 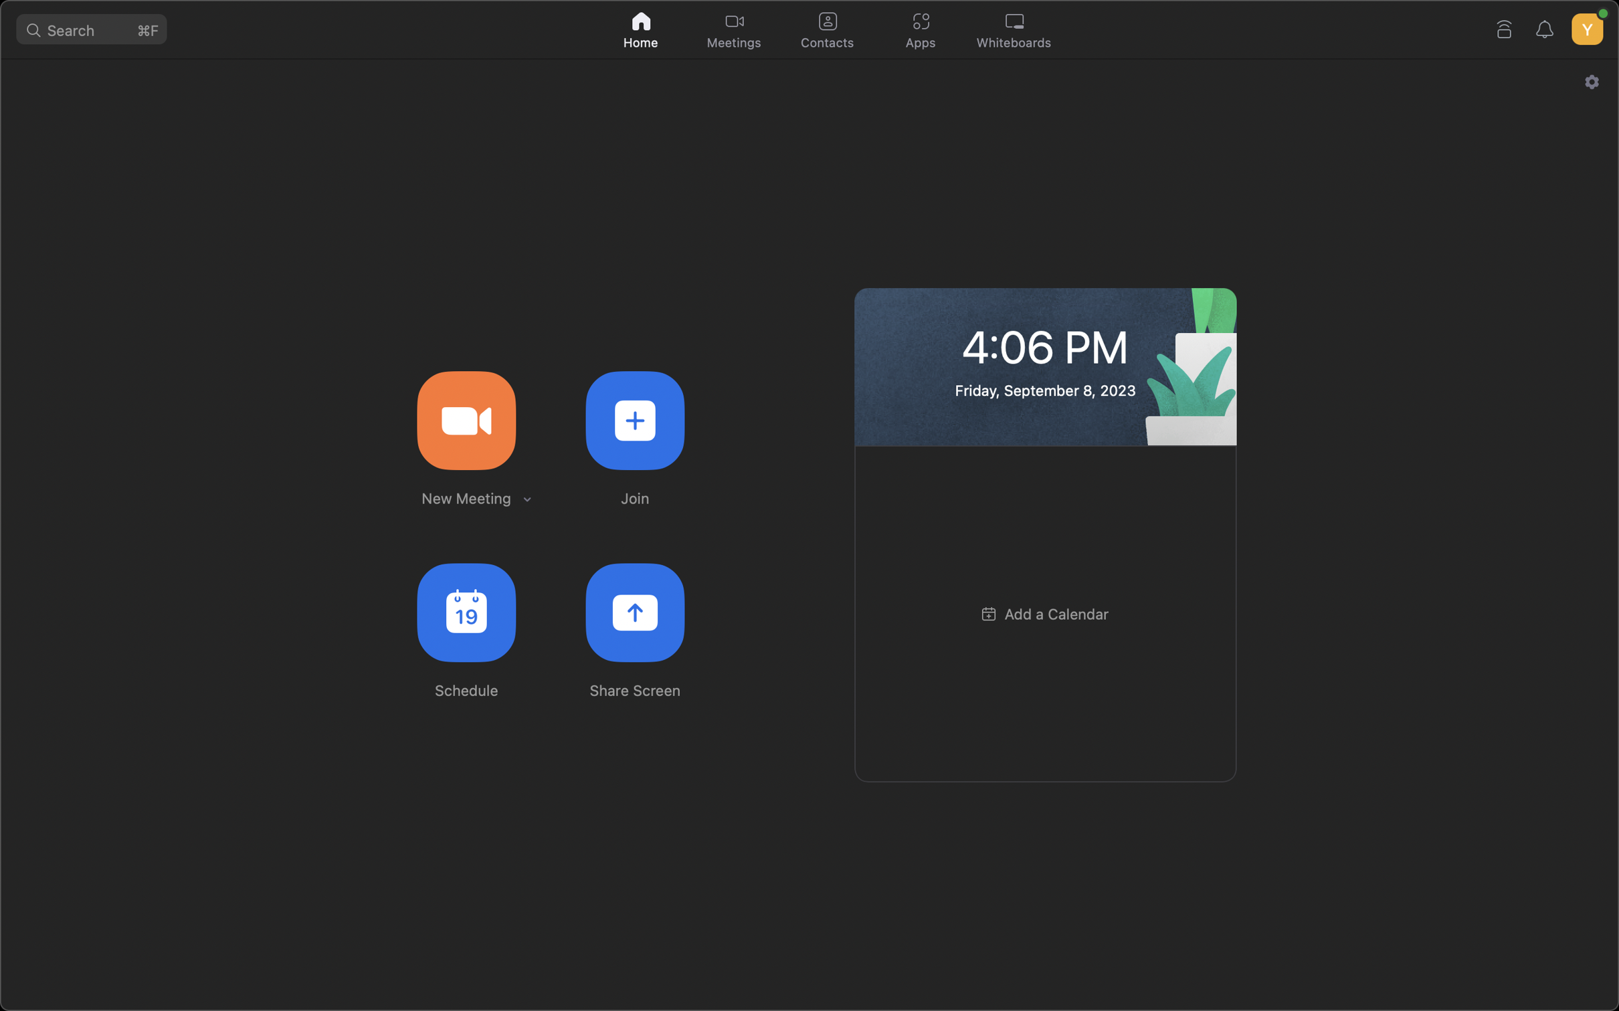 What do you see at coordinates (923, 27) in the screenshot?
I see `the applications button situated at the top` at bounding box center [923, 27].